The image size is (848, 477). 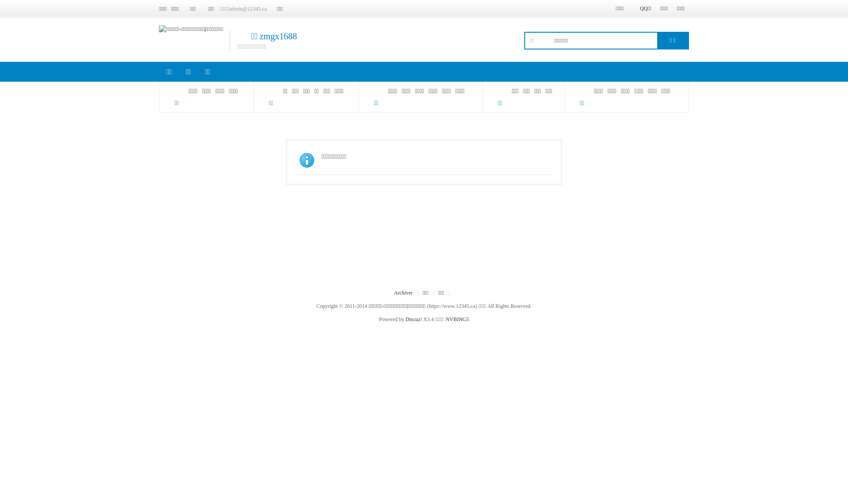 What do you see at coordinates (413, 319) in the screenshot?
I see `'Discuz!'` at bounding box center [413, 319].